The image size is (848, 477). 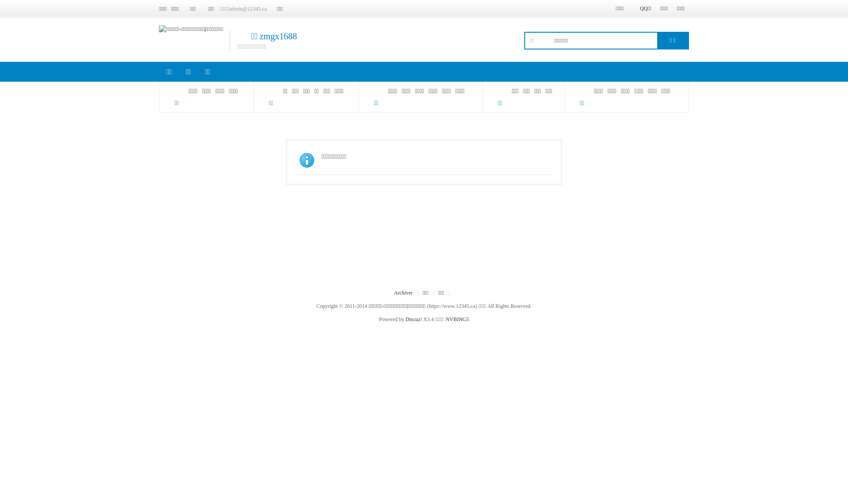 What do you see at coordinates (413, 319) in the screenshot?
I see `'Discuz!'` at bounding box center [413, 319].